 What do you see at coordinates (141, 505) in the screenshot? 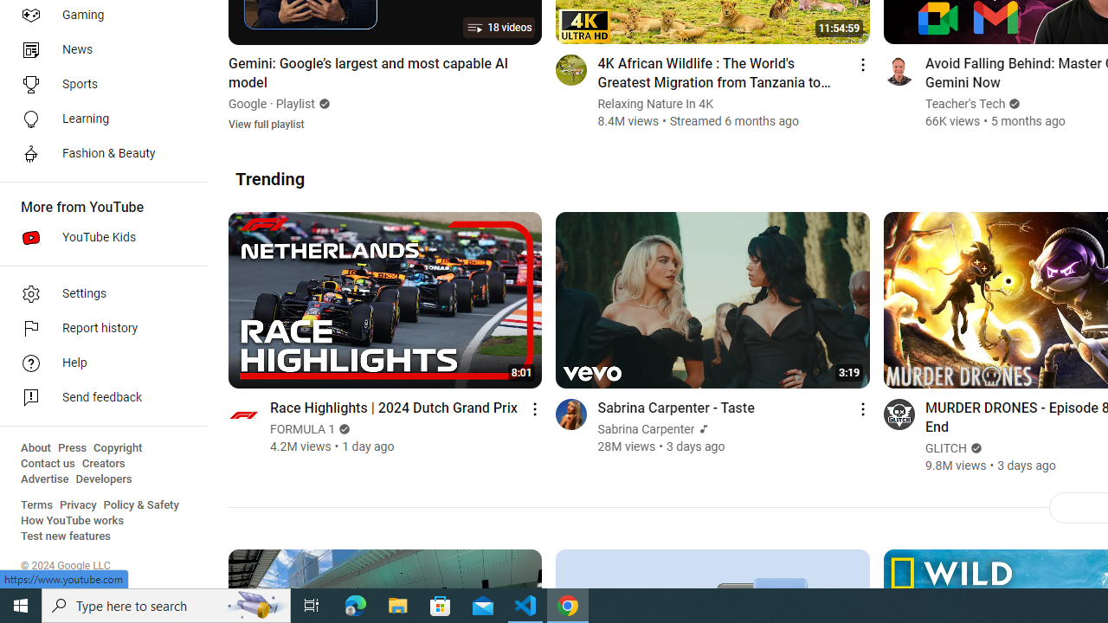
I see `'Policy & Safety'` at bounding box center [141, 505].